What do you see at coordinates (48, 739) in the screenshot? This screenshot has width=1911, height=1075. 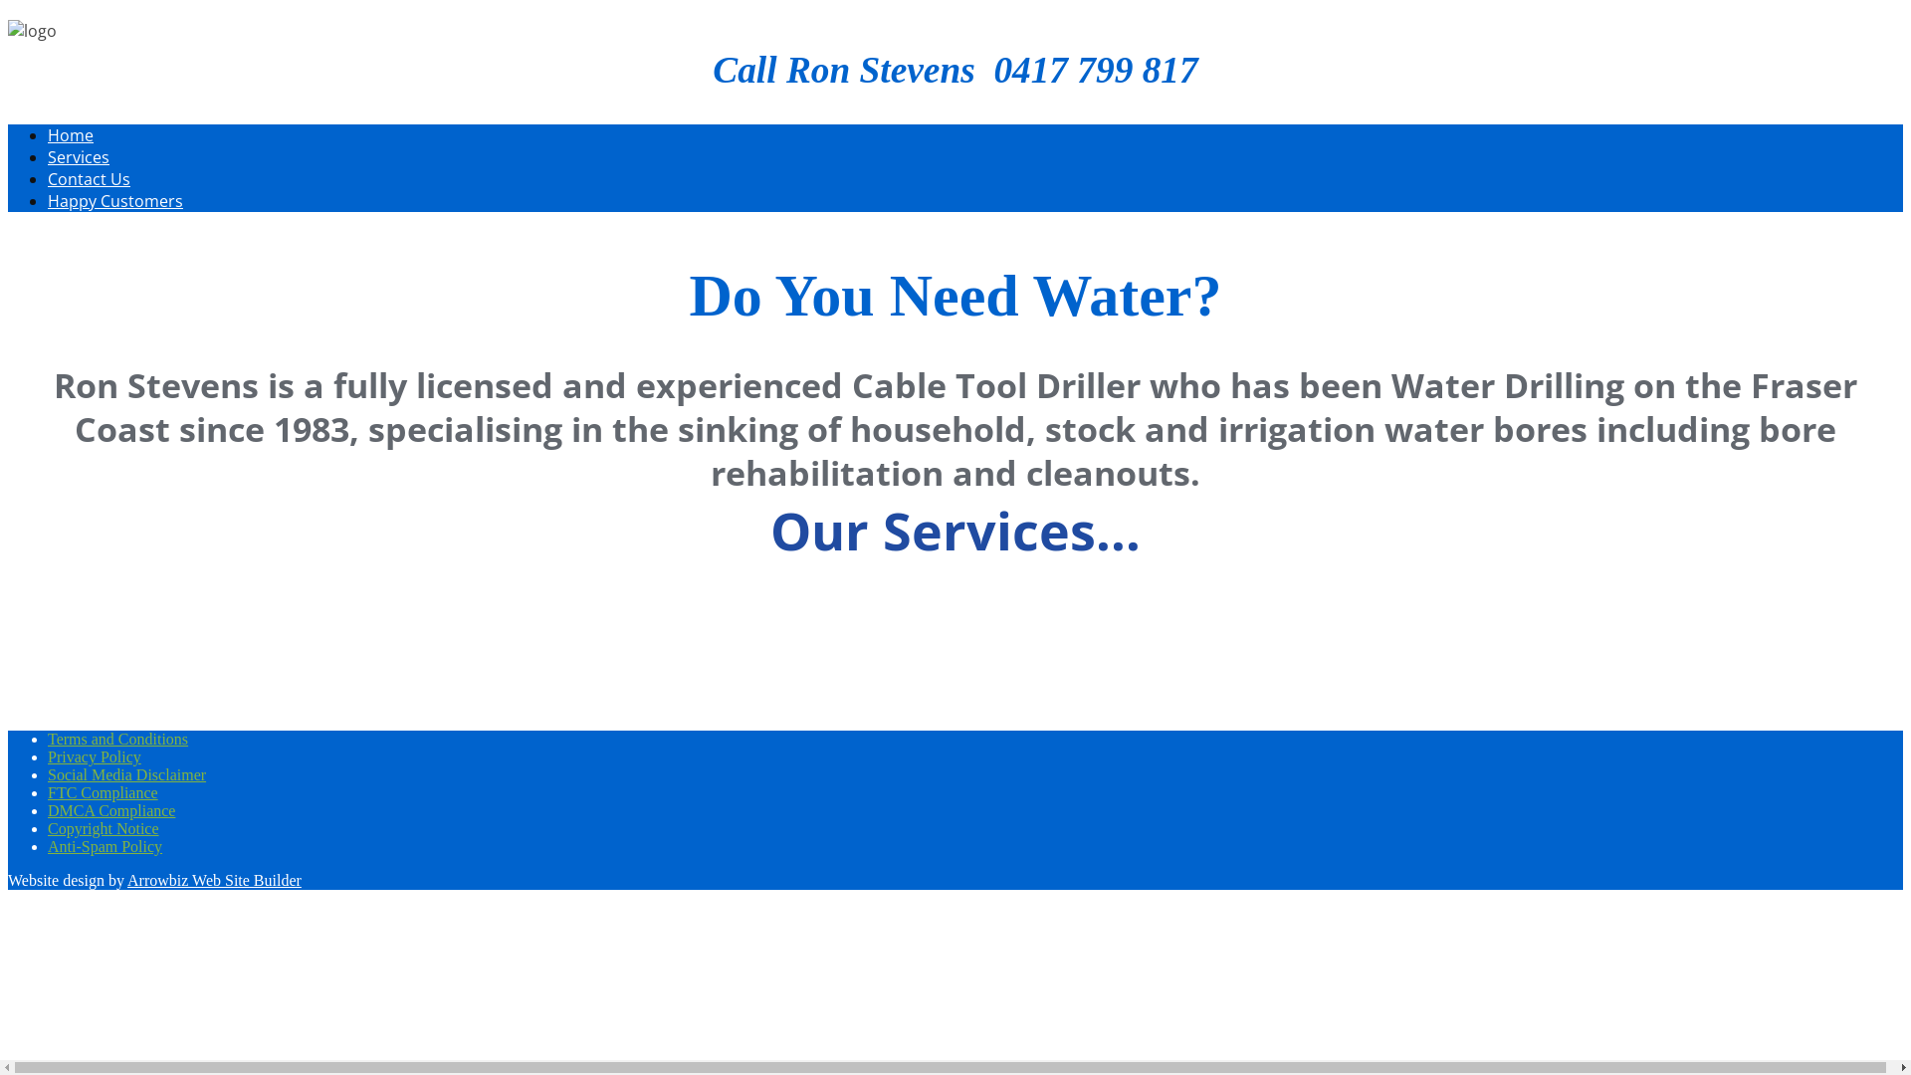 I see `'Terms and Conditions'` at bounding box center [48, 739].